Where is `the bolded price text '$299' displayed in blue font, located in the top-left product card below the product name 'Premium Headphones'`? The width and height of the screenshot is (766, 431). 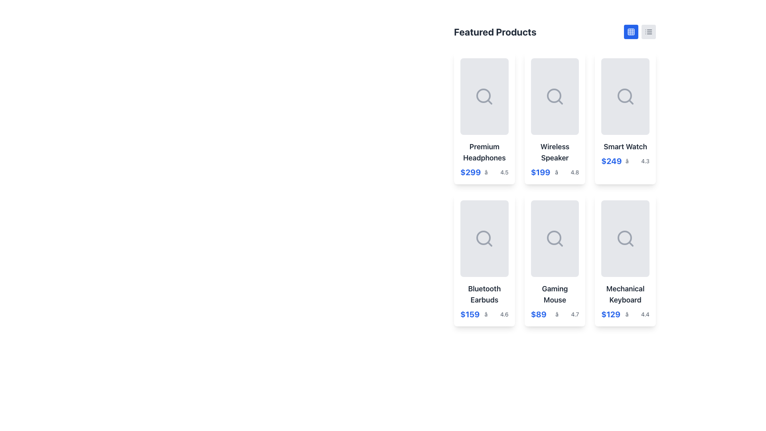
the bolded price text '$299' displayed in blue font, located in the top-left product card below the product name 'Premium Headphones' is located at coordinates (470, 172).